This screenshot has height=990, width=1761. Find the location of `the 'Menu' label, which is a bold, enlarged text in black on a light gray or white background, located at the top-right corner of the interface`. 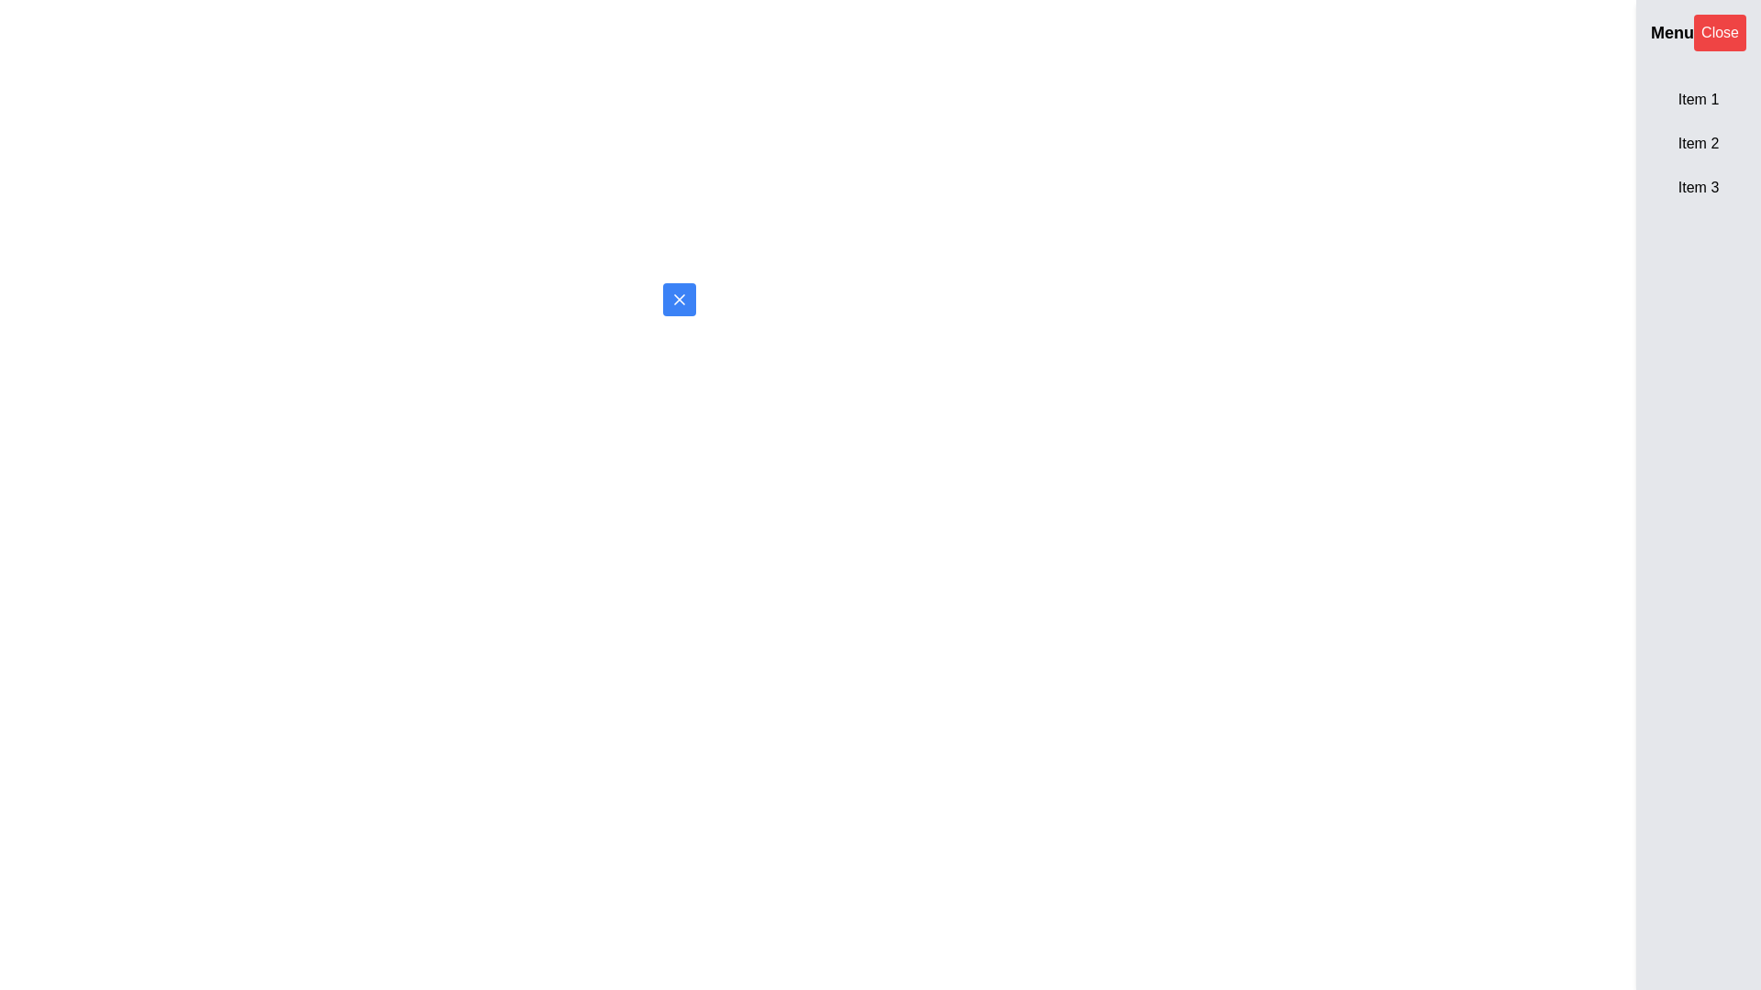

the 'Menu' label, which is a bold, enlarged text in black on a light gray or white background, located at the top-right corner of the interface is located at coordinates (1672, 32).